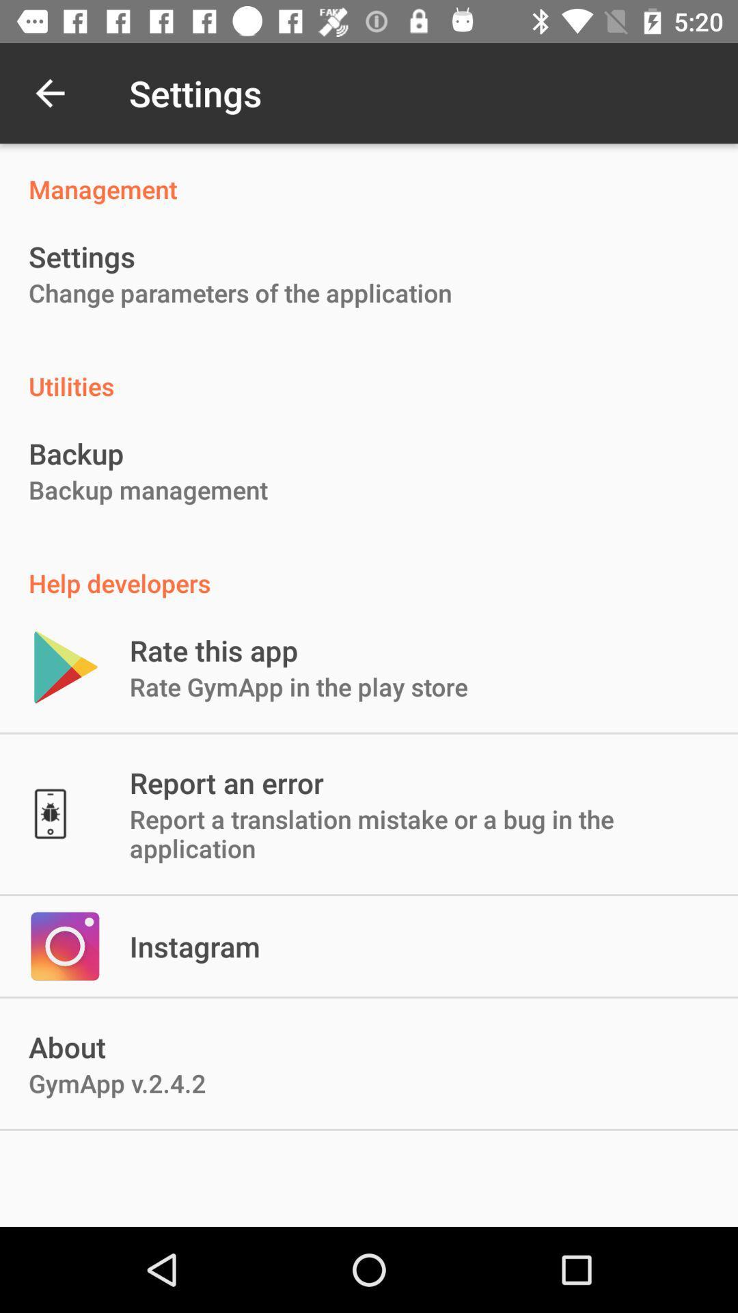 The width and height of the screenshot is (738, 1313). Describe the element at coordinates (195, 945) in the screenshot. I see `the item above gymapp v 2` at that location.